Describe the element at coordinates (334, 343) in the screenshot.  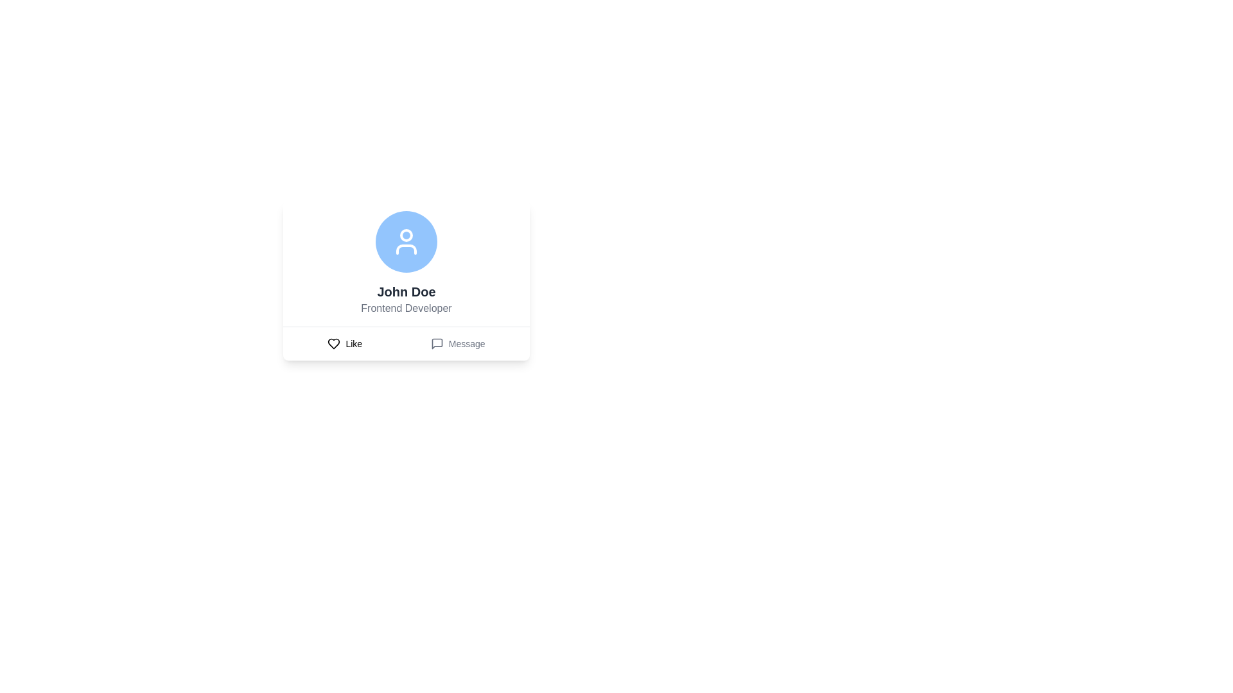
I see `the heart-shaped icon with a black outline next to the 'Like' text for interaction feedback` at that location.